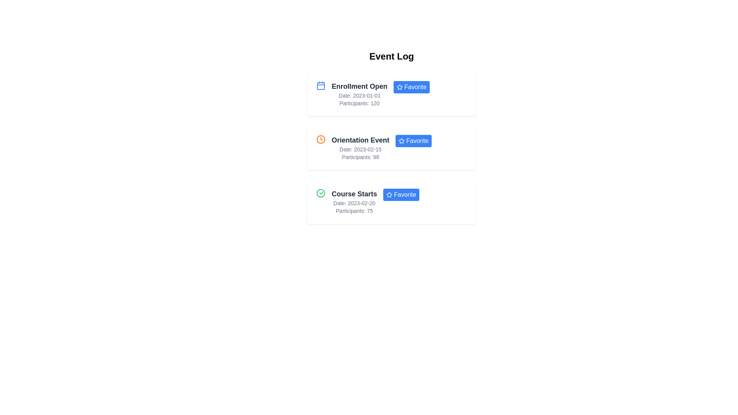  What do you see at coordinates (359, 86) in the screenshot?
I see `the first line text label within the first event card located under the 'Event Log' heading` at bounding box center [359, 86].